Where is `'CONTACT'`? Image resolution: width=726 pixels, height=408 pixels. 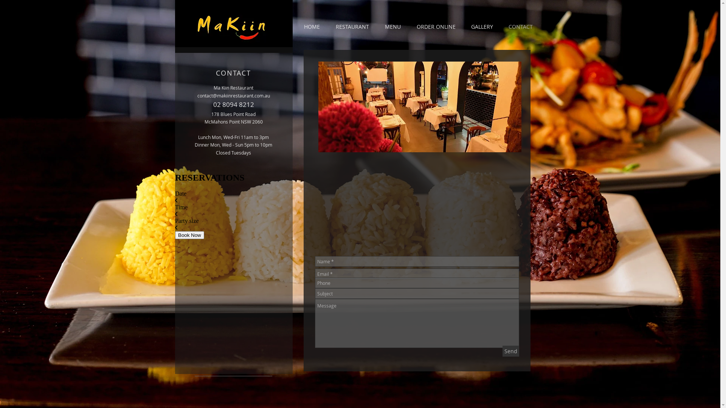
'CONTACT' is located at coordinates (520, 26).